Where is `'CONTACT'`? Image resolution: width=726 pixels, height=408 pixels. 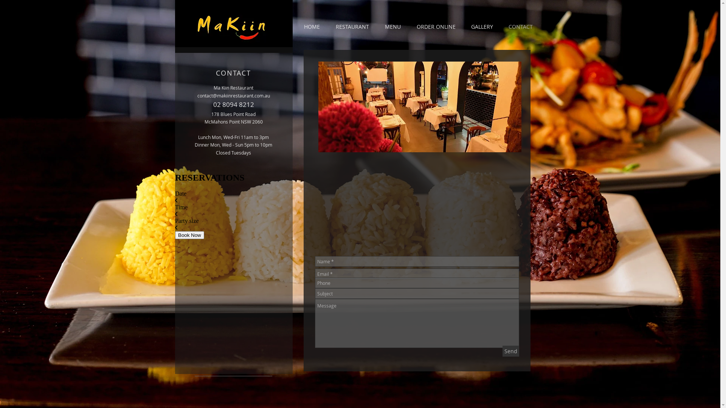
'CONTACT' is located at coordinates (520, 26).